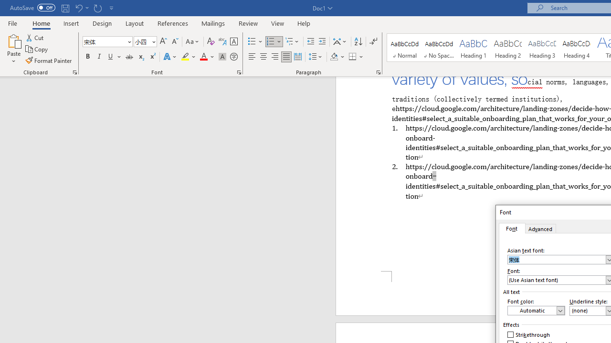 This screenshot has height=343, width=611. I want to click on 'Paste', so click(13, 40).